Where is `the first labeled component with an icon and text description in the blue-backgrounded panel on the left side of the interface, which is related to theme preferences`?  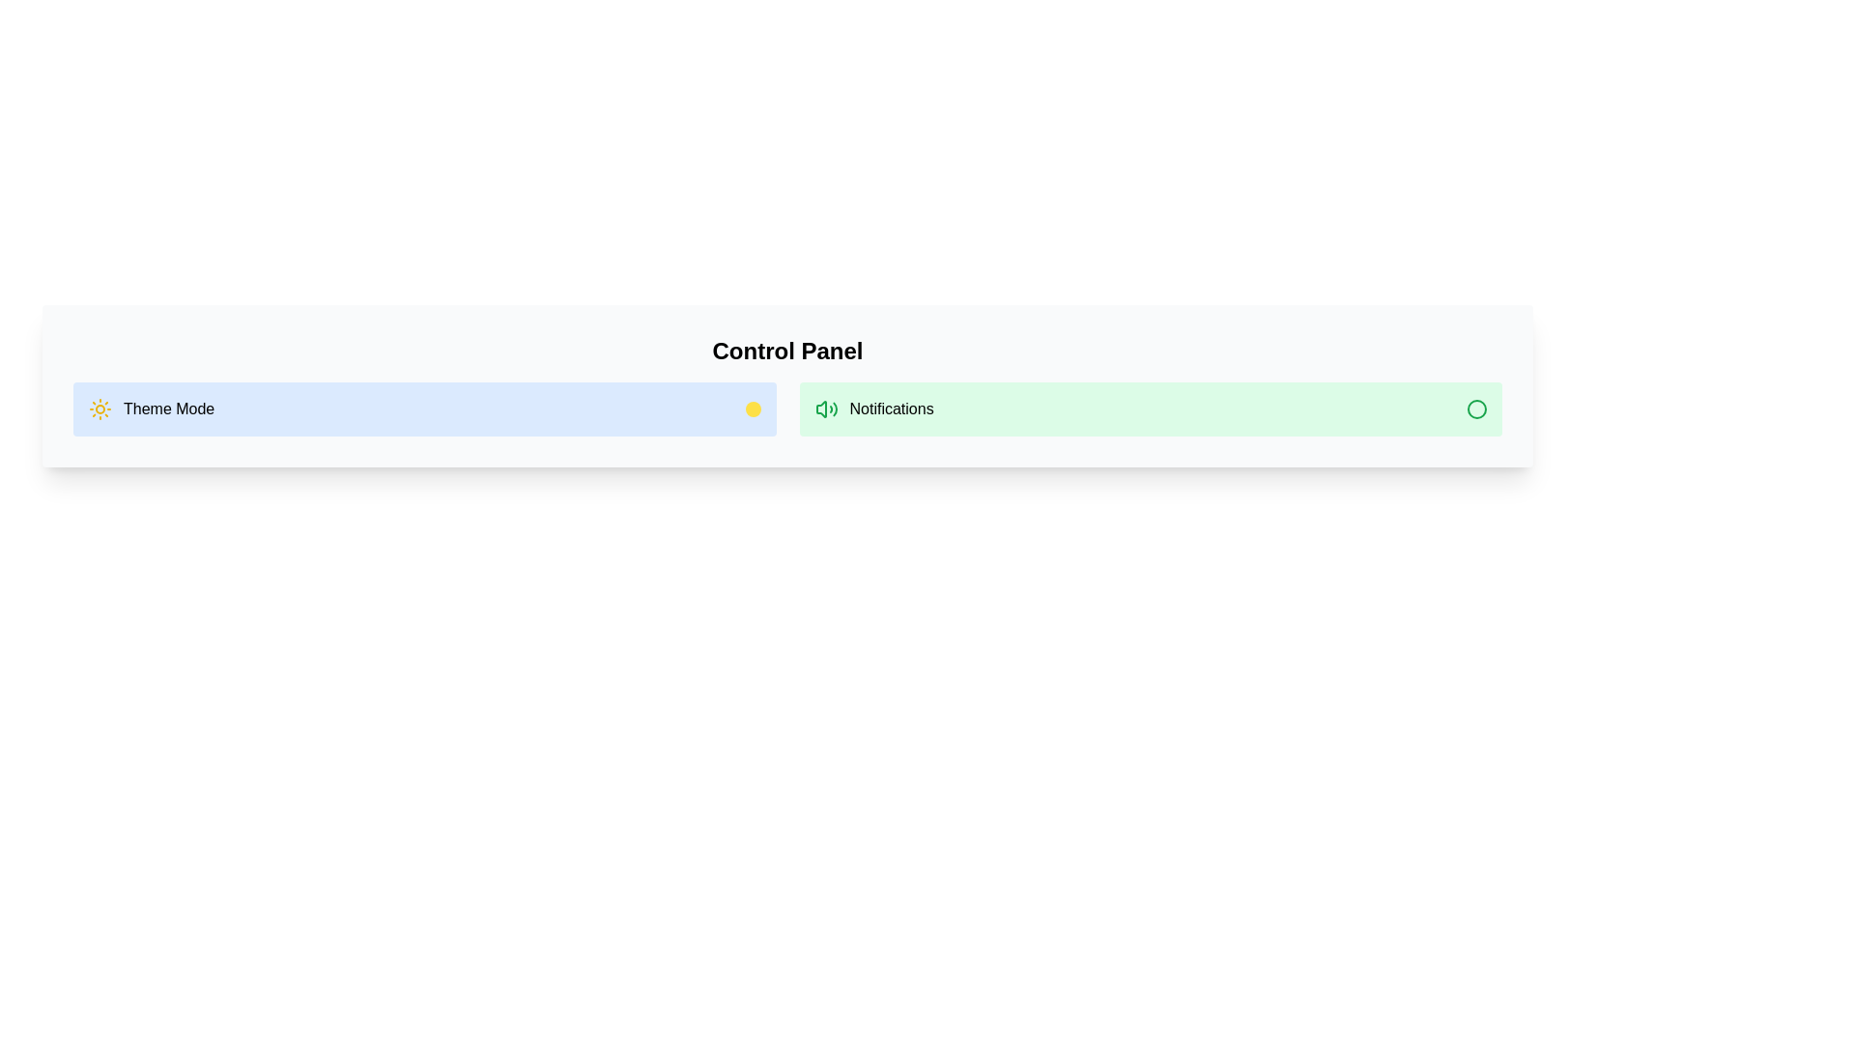 the first labeled component with an icon and text description in the blue-backgrounded panel on the left side of the interface, which is related to theme preferences is located at coordinates (151, 409).